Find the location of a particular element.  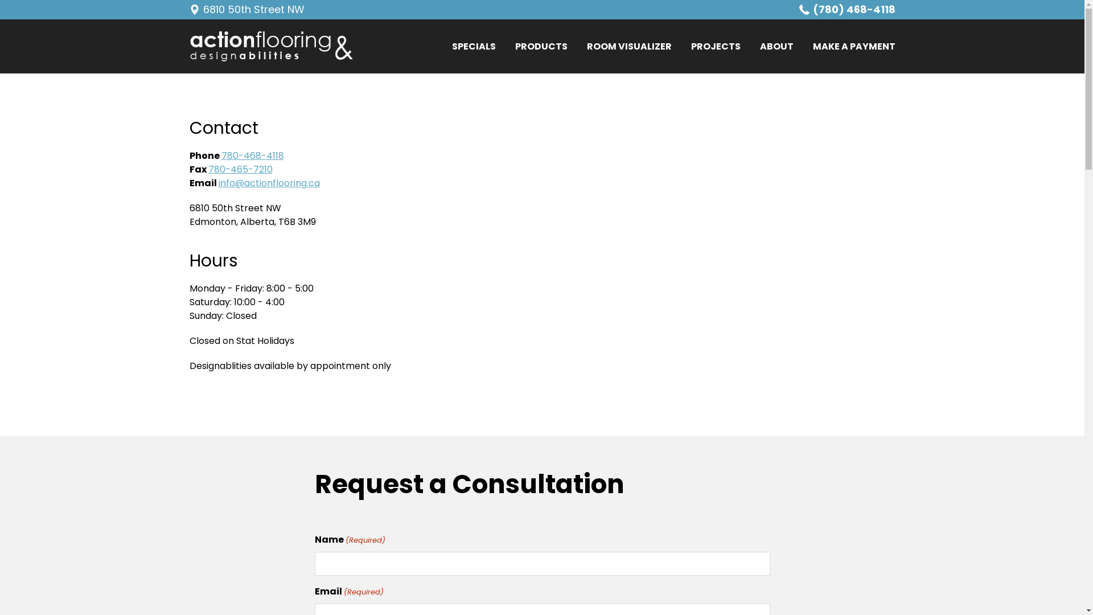

'ROOM VISUALIZER' is located at coordinates (628, 46).